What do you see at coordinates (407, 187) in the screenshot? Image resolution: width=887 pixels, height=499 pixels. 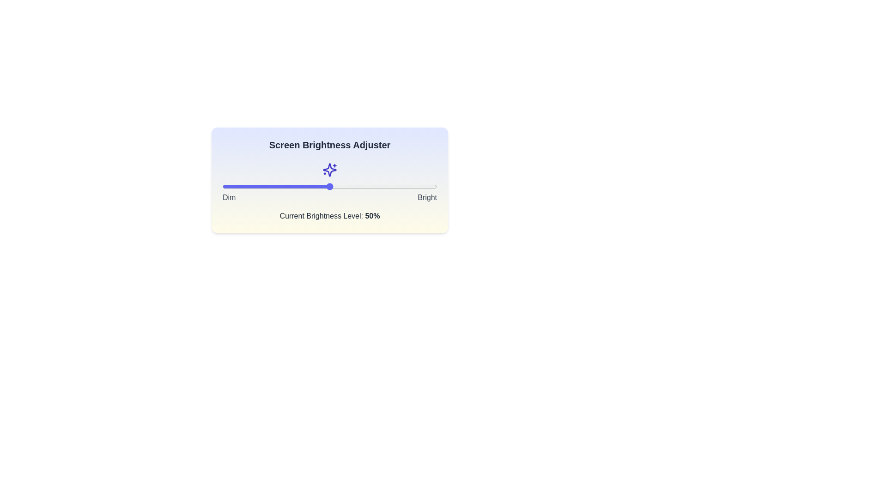 I see `the brightness slider to 86% to observe the icon change` at bounding box center [407, 187].